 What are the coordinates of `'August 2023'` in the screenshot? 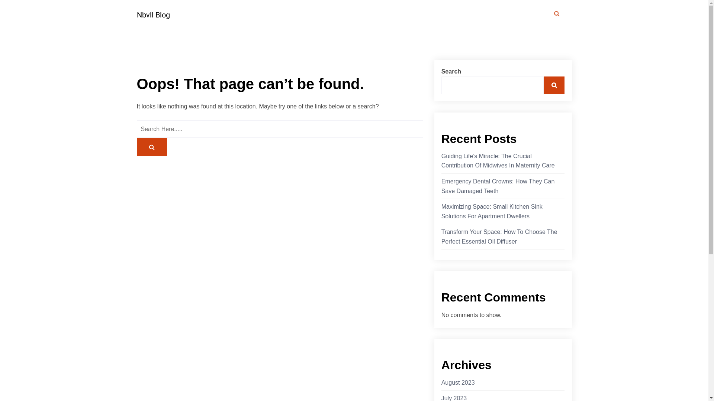 It's located at (458, 382).